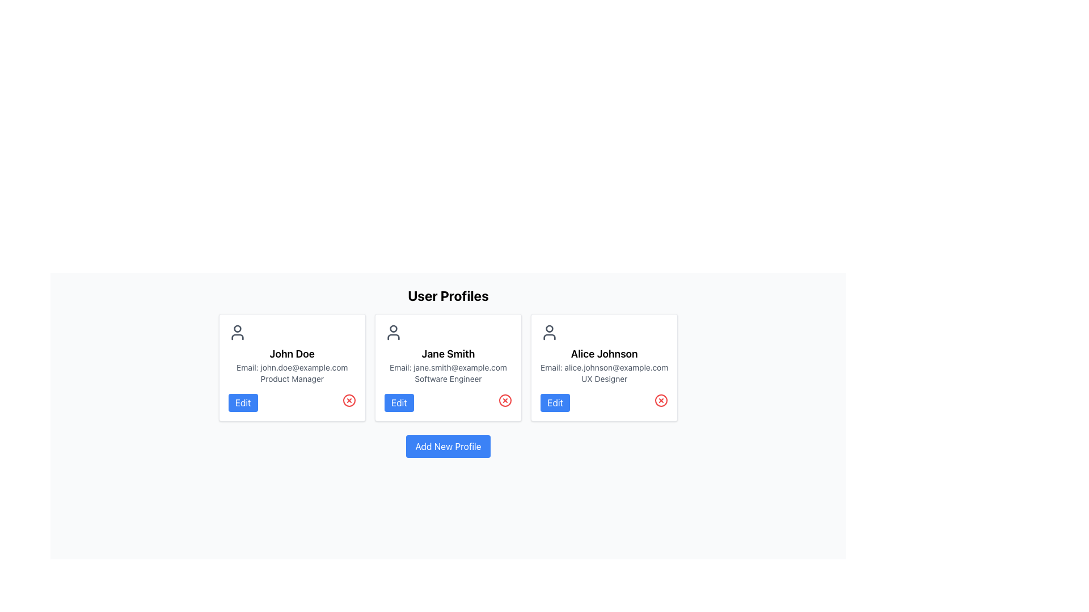 The height and width of the screenshot is (612, 1089). Describe the element at coordinates (448, 379) in the screenshot. I see `the text label indicating the professional title 'Software Engineer' for Jane Smith, located in the second profile card from the left, below her name and email address, and above the 'Edit' button` at that location.